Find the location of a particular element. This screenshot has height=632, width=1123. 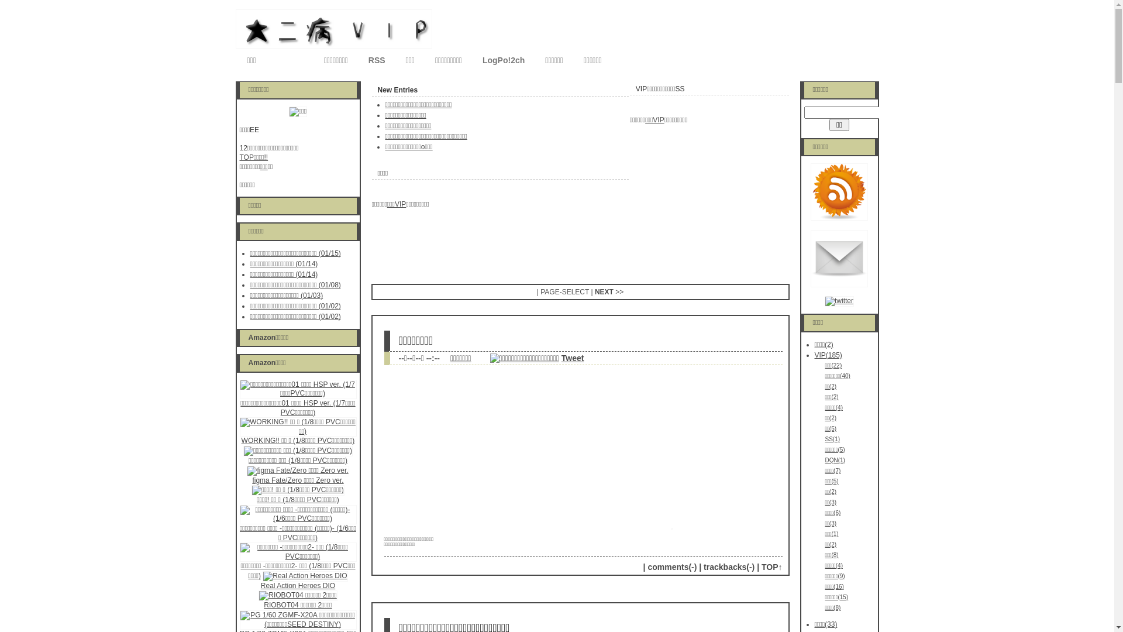

'Tweet' is located at coordinates (573, 358).